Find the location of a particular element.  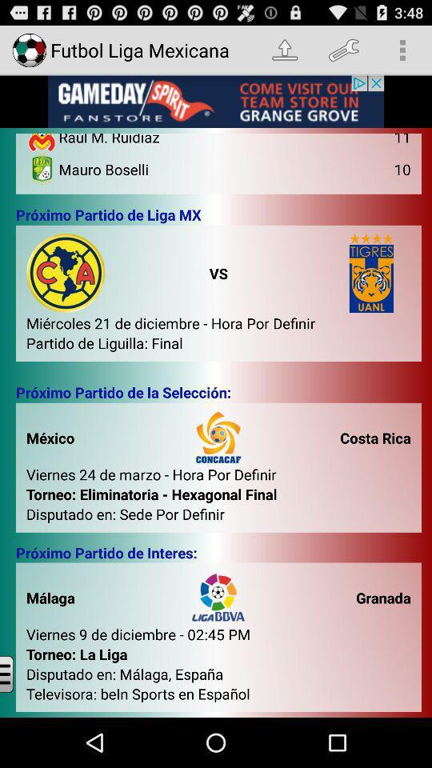

advertisement is located at coordinates (216, 101).